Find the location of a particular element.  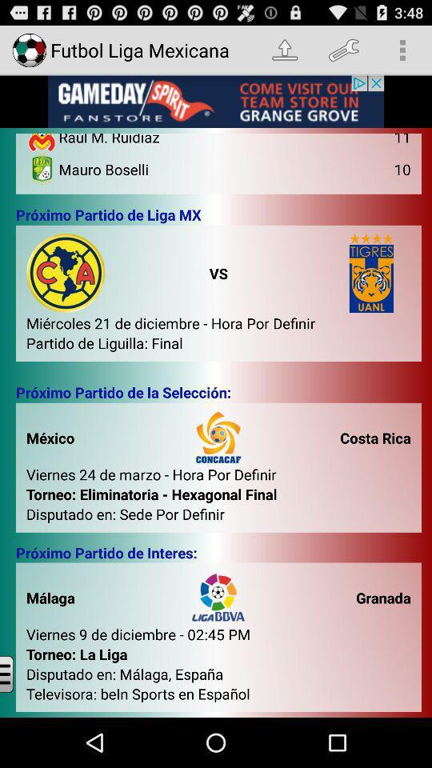

advertisement is located at coordinates (216, 101).